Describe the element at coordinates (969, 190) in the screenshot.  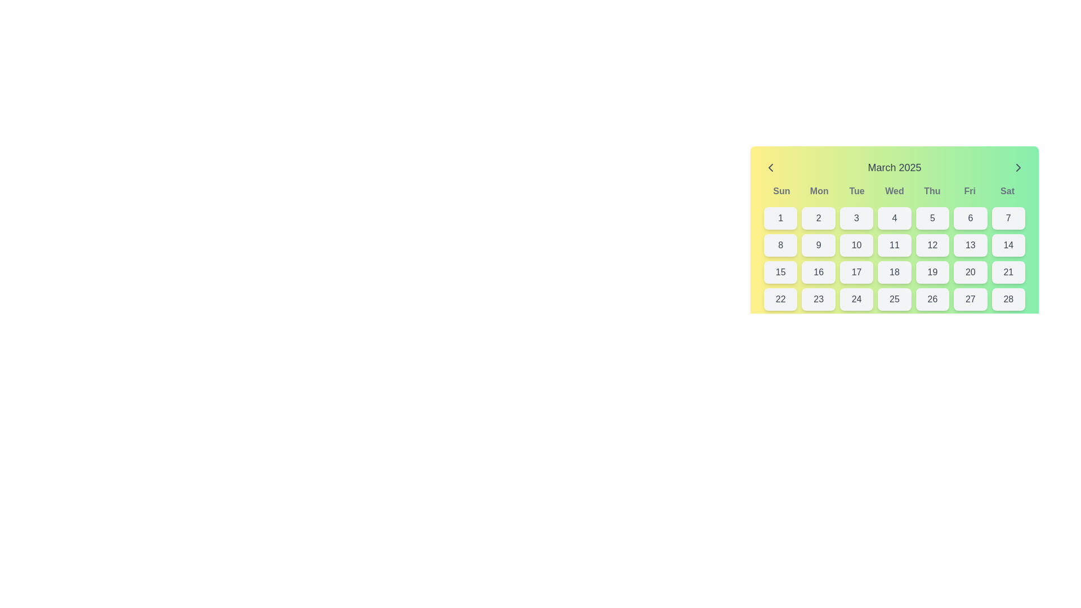
I see `the text label displaying 'Fri' in bold gray font, positioned between 'Thu' and 'Sat' in the calendar header` at that location.